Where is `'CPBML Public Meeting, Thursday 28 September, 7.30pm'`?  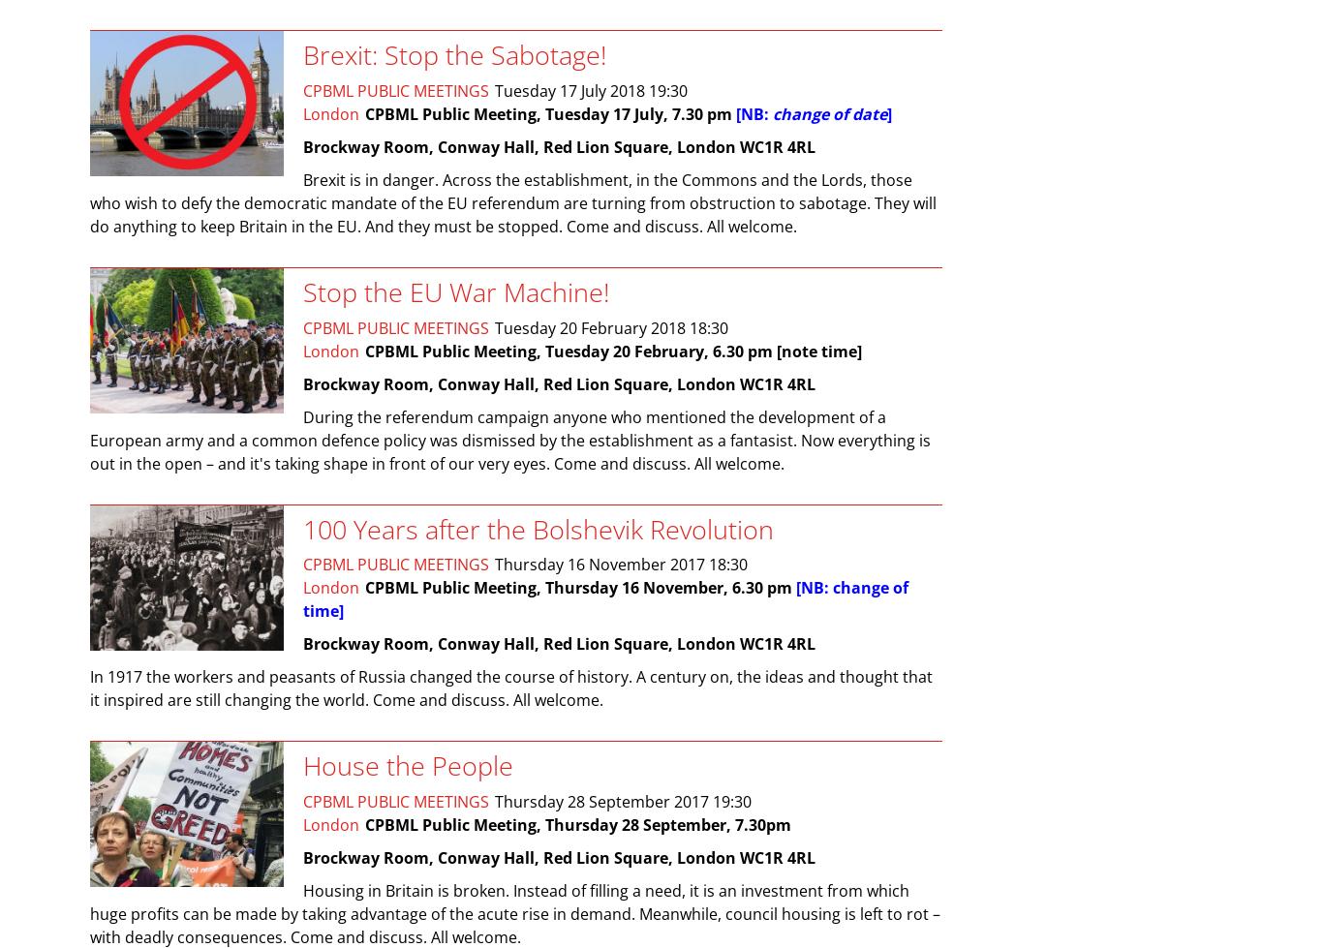
'CPBML Public Meeting, Thursday 28 September, 7.30pm' is located at coordinates (576, 824).